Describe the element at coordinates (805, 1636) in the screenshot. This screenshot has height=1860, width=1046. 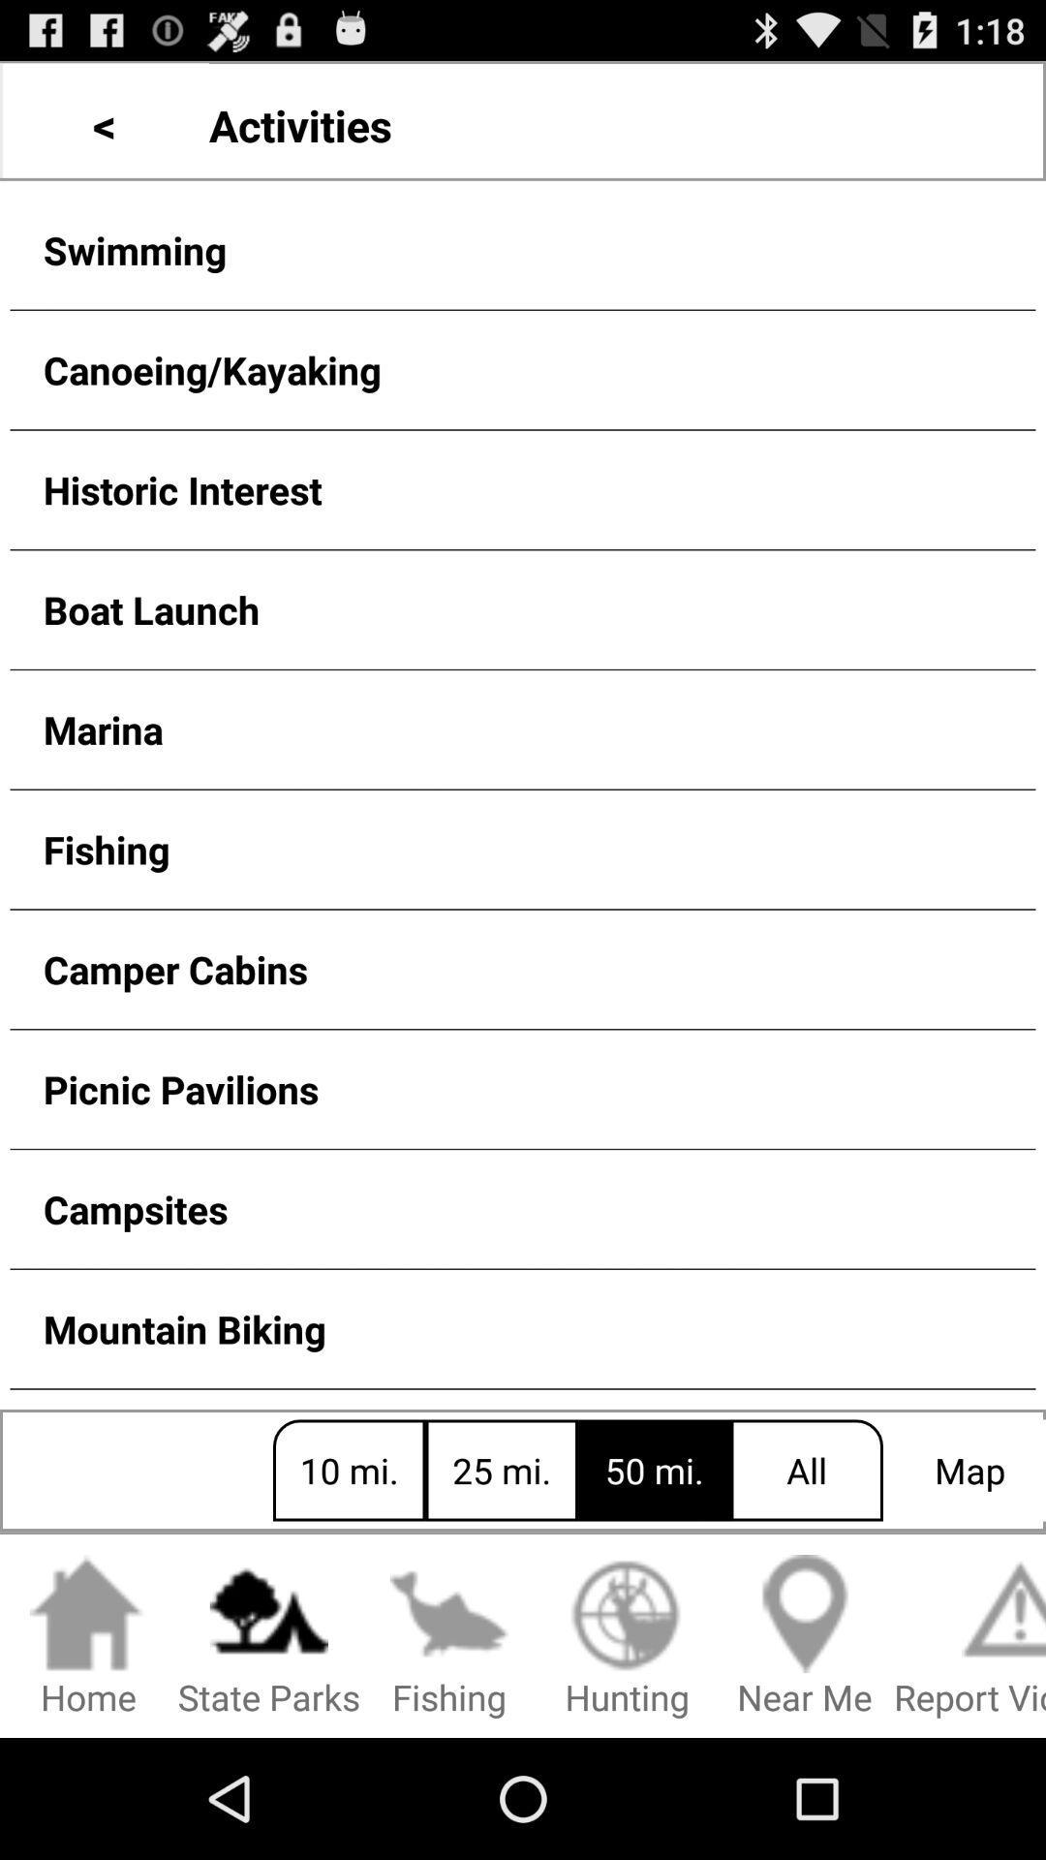
I see `item to the left of the report violation item` at that location.